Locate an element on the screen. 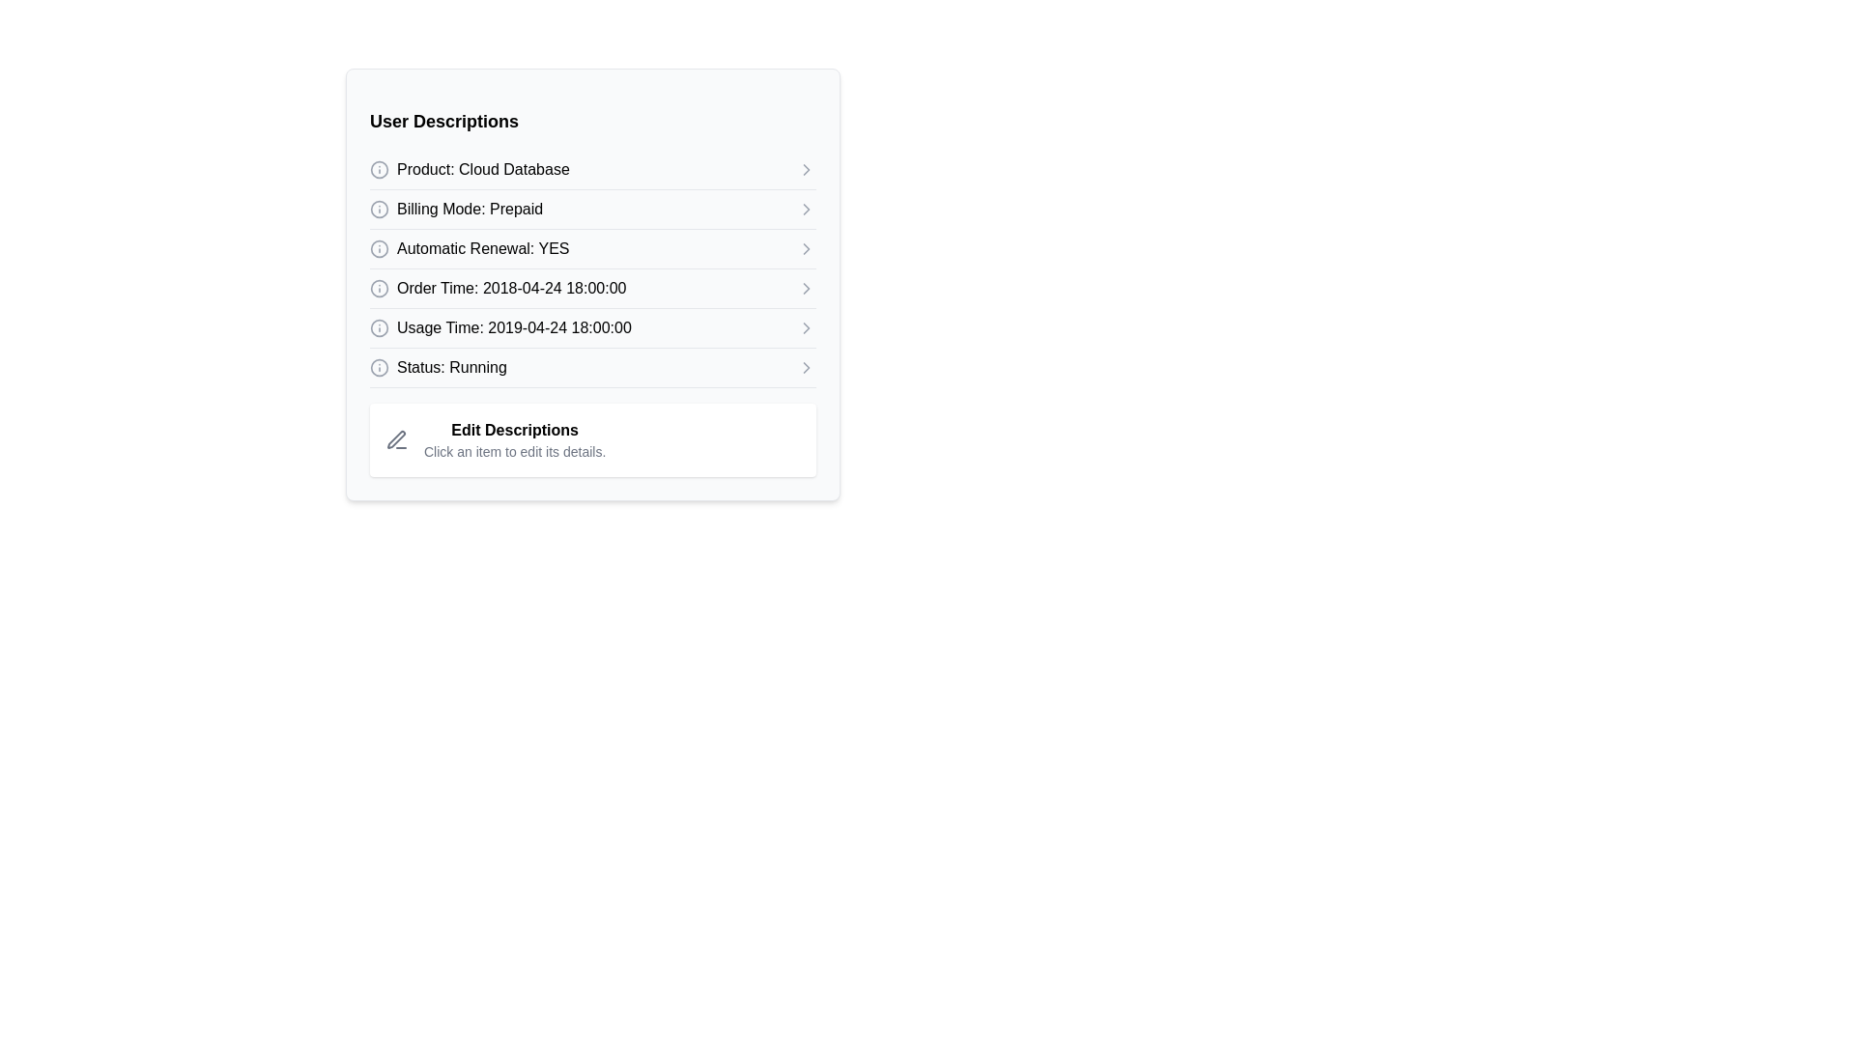 Image resolution: width=1855 pixels, height=1043 pixels. the actionable list item for 'Cloud Database' located in the topmost row of the 'User Descriptions' section is located at coordinates (592, 169).